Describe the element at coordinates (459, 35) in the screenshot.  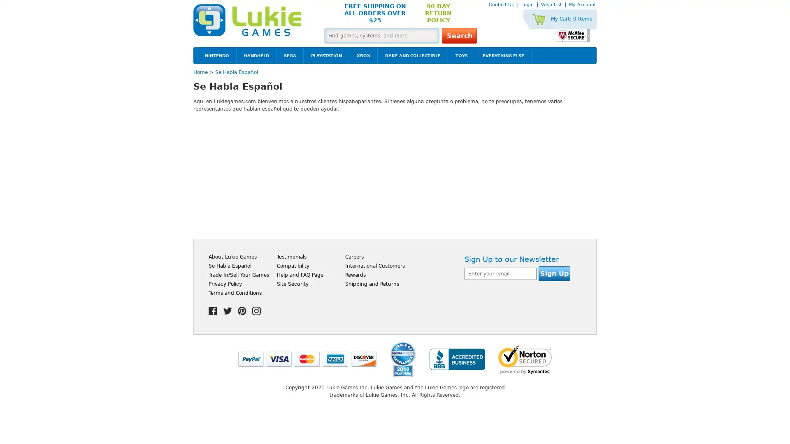
I see `Search` at that location.